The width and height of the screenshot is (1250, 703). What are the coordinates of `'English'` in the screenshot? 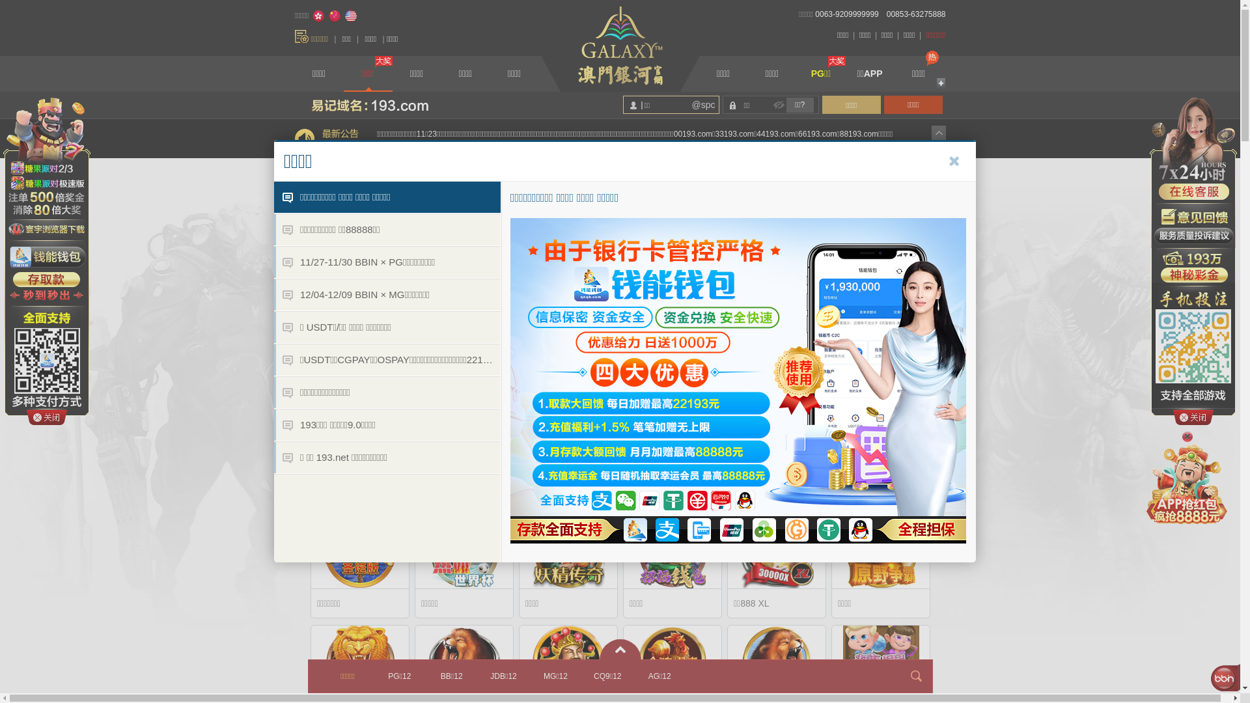 It's located at (350, 16).